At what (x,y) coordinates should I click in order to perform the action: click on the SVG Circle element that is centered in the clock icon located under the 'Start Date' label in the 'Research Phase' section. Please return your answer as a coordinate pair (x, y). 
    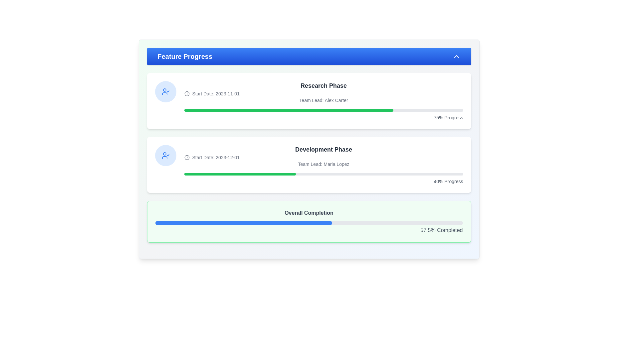
    Looking at the image, I should click on (186, 158).